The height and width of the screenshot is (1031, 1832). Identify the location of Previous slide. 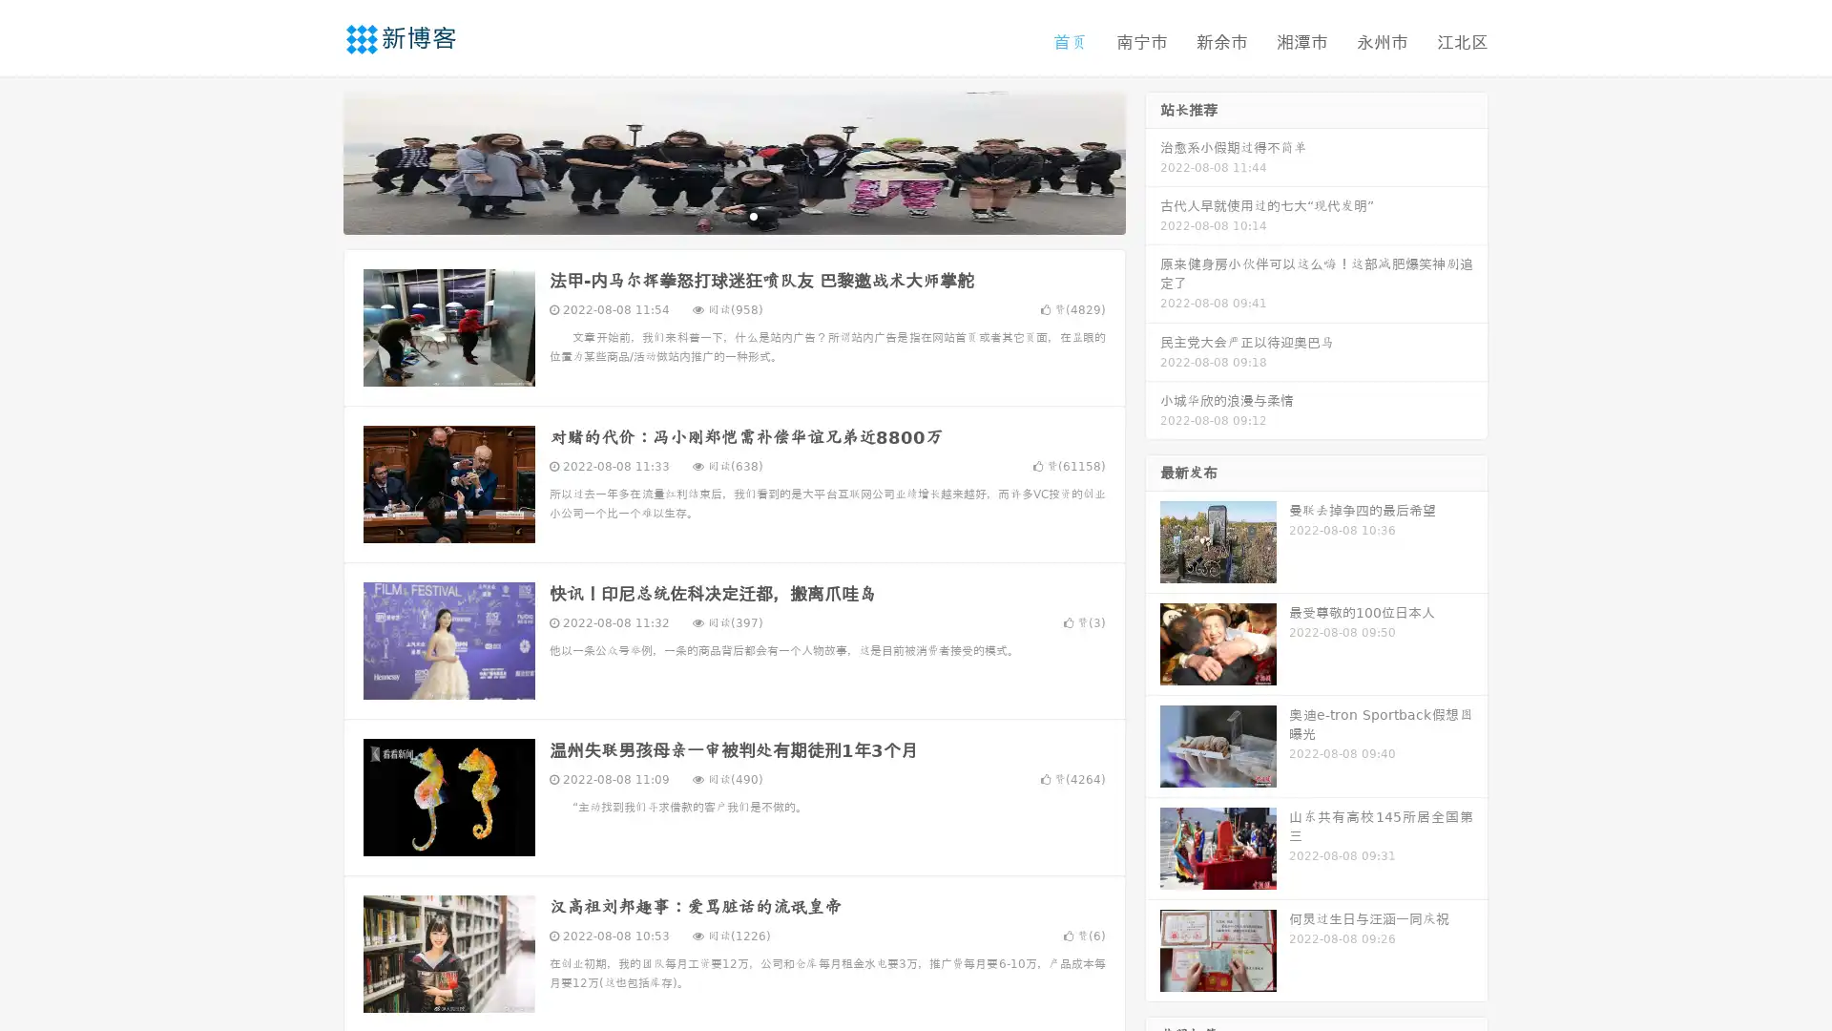
(315, 160).